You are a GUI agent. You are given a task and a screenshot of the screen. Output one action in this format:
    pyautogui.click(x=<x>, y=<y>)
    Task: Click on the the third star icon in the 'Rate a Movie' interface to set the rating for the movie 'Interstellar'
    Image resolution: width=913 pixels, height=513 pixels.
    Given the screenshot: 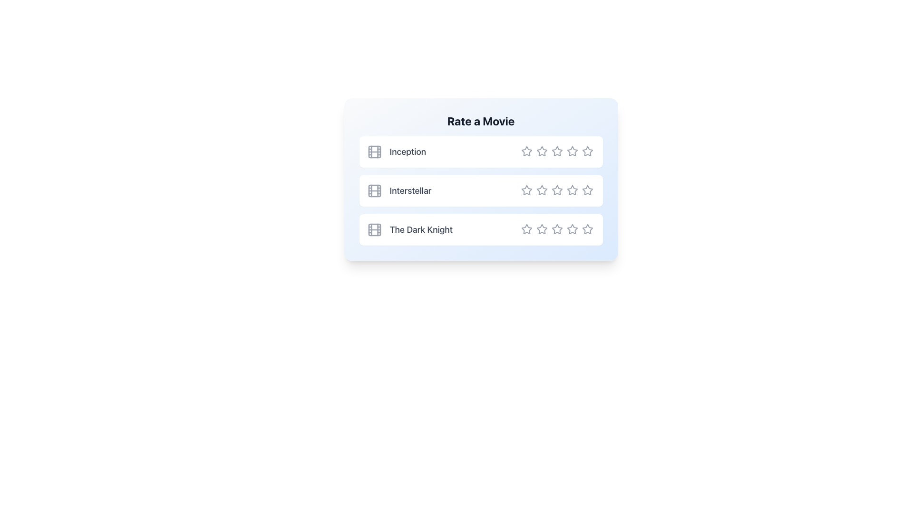 What is the action you would take?
    pyautogui.click(x=541, y=190)
    